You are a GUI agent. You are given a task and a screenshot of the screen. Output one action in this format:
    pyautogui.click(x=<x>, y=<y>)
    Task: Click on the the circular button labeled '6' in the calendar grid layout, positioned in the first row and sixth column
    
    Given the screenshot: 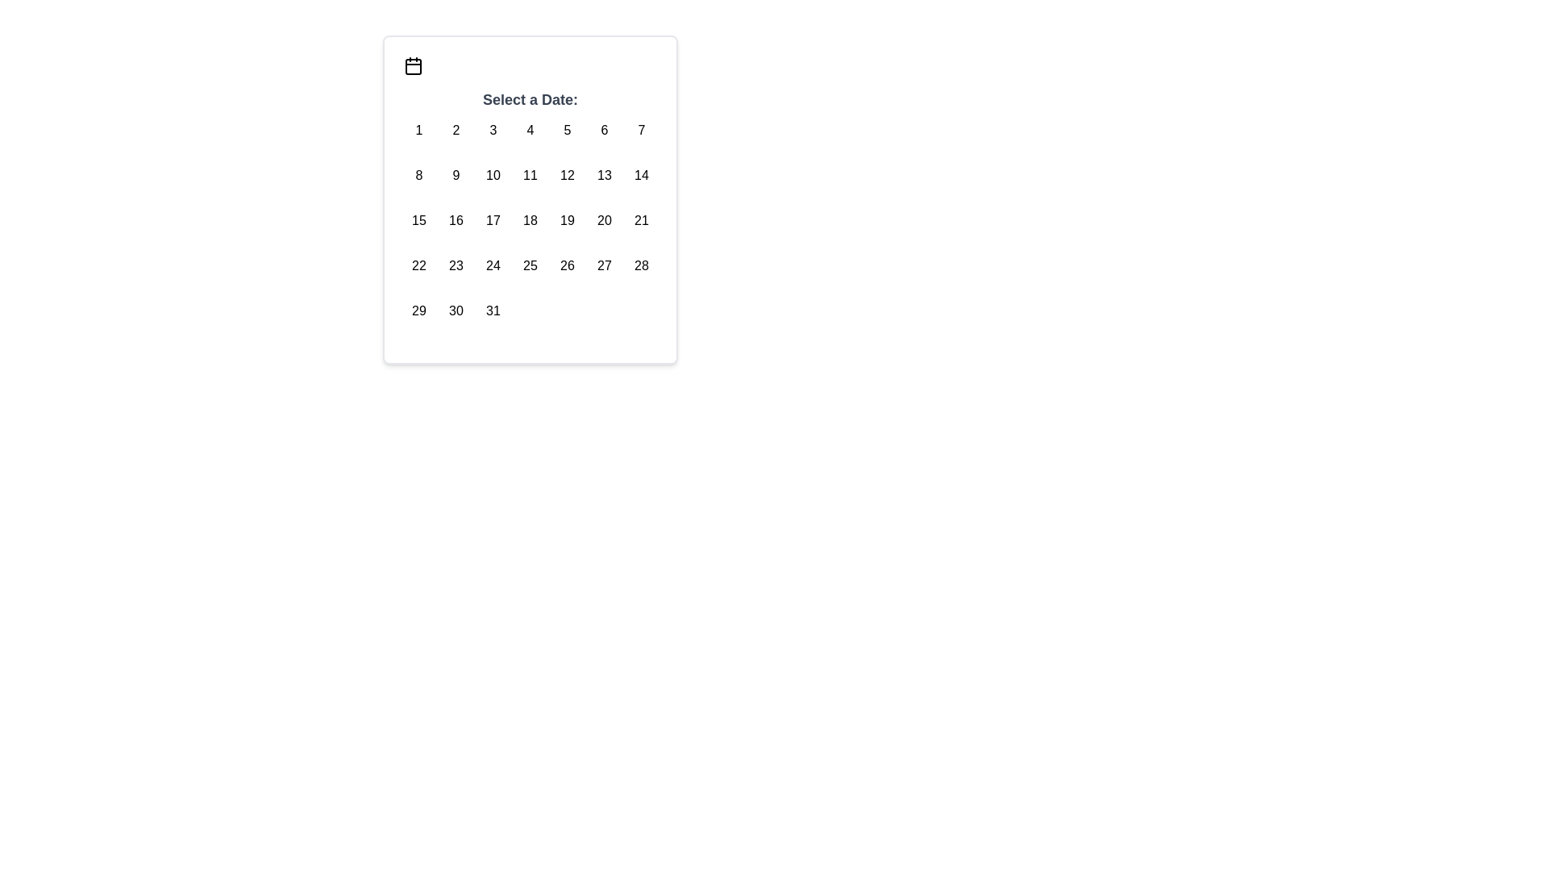 What is the action you would take?
    pyautogui.click(x=603, y=130)
    